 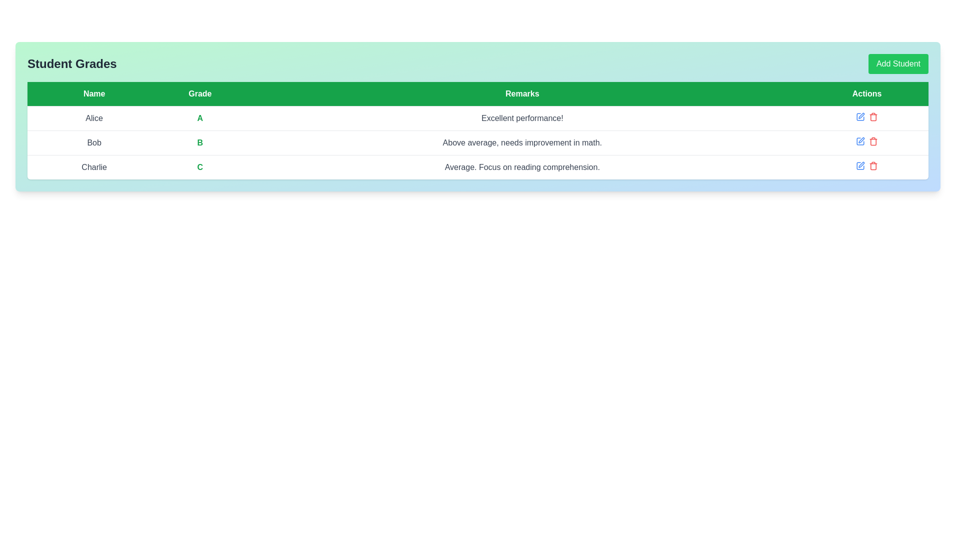 What do you see at coordinates (873, 116) in the screenshot?
I see `the trash can icon, the second interactive element in the 'Actions' column for the row corresponding to 'Alice'` at bounding box center [873, 116].